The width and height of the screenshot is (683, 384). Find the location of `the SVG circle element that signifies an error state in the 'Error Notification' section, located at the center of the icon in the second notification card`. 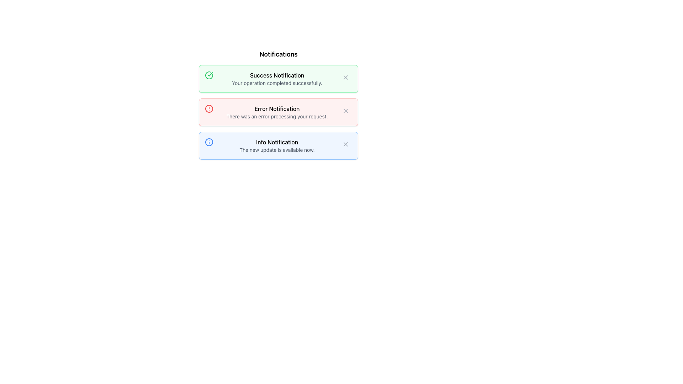

the SVG circle element that signifies an error state in the 'Error Notification' section, located at the center of the icon in the second notification card is located at coordinates (209, 108).